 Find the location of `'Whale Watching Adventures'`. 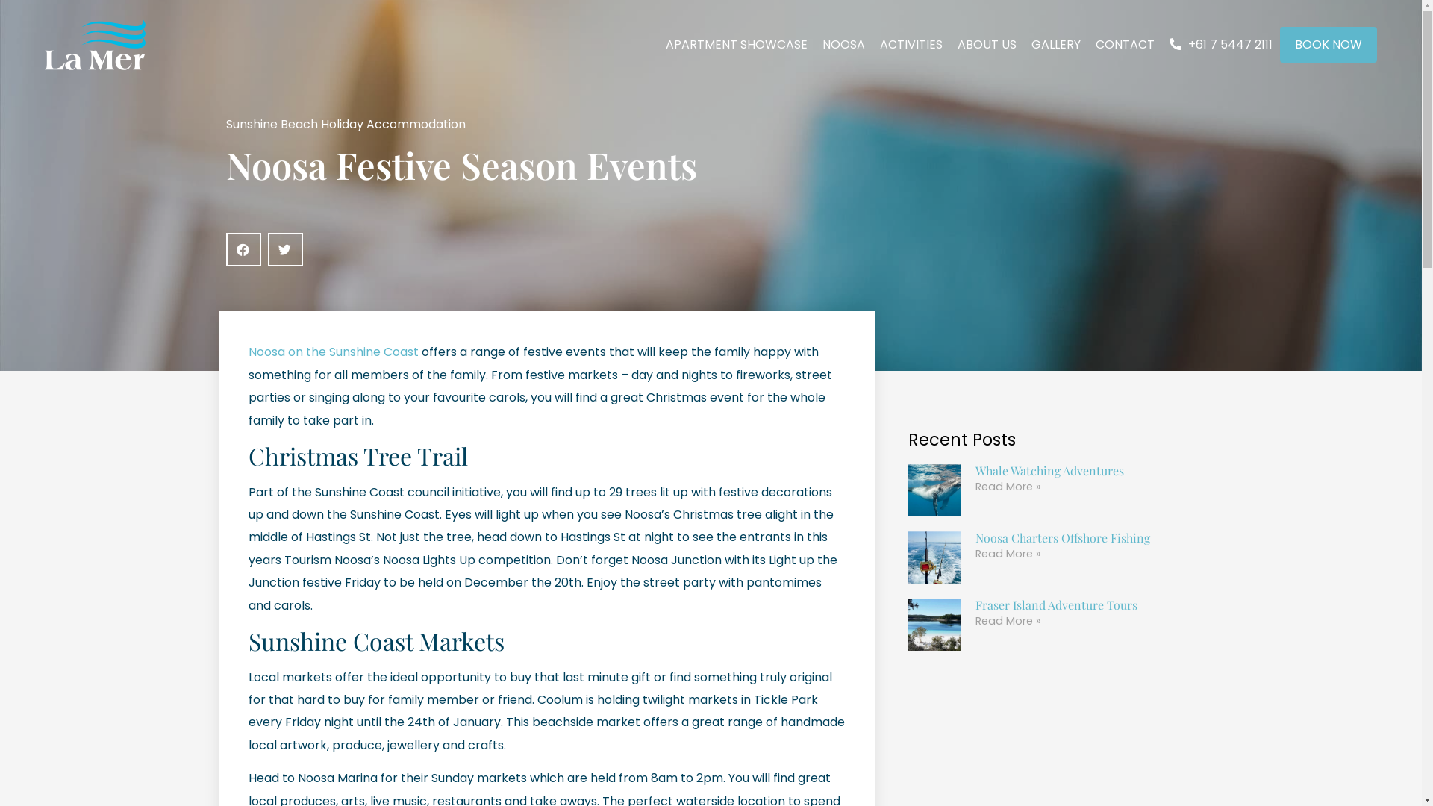

'Whale Watching Adventures' is located at coordinates (1049, 470).